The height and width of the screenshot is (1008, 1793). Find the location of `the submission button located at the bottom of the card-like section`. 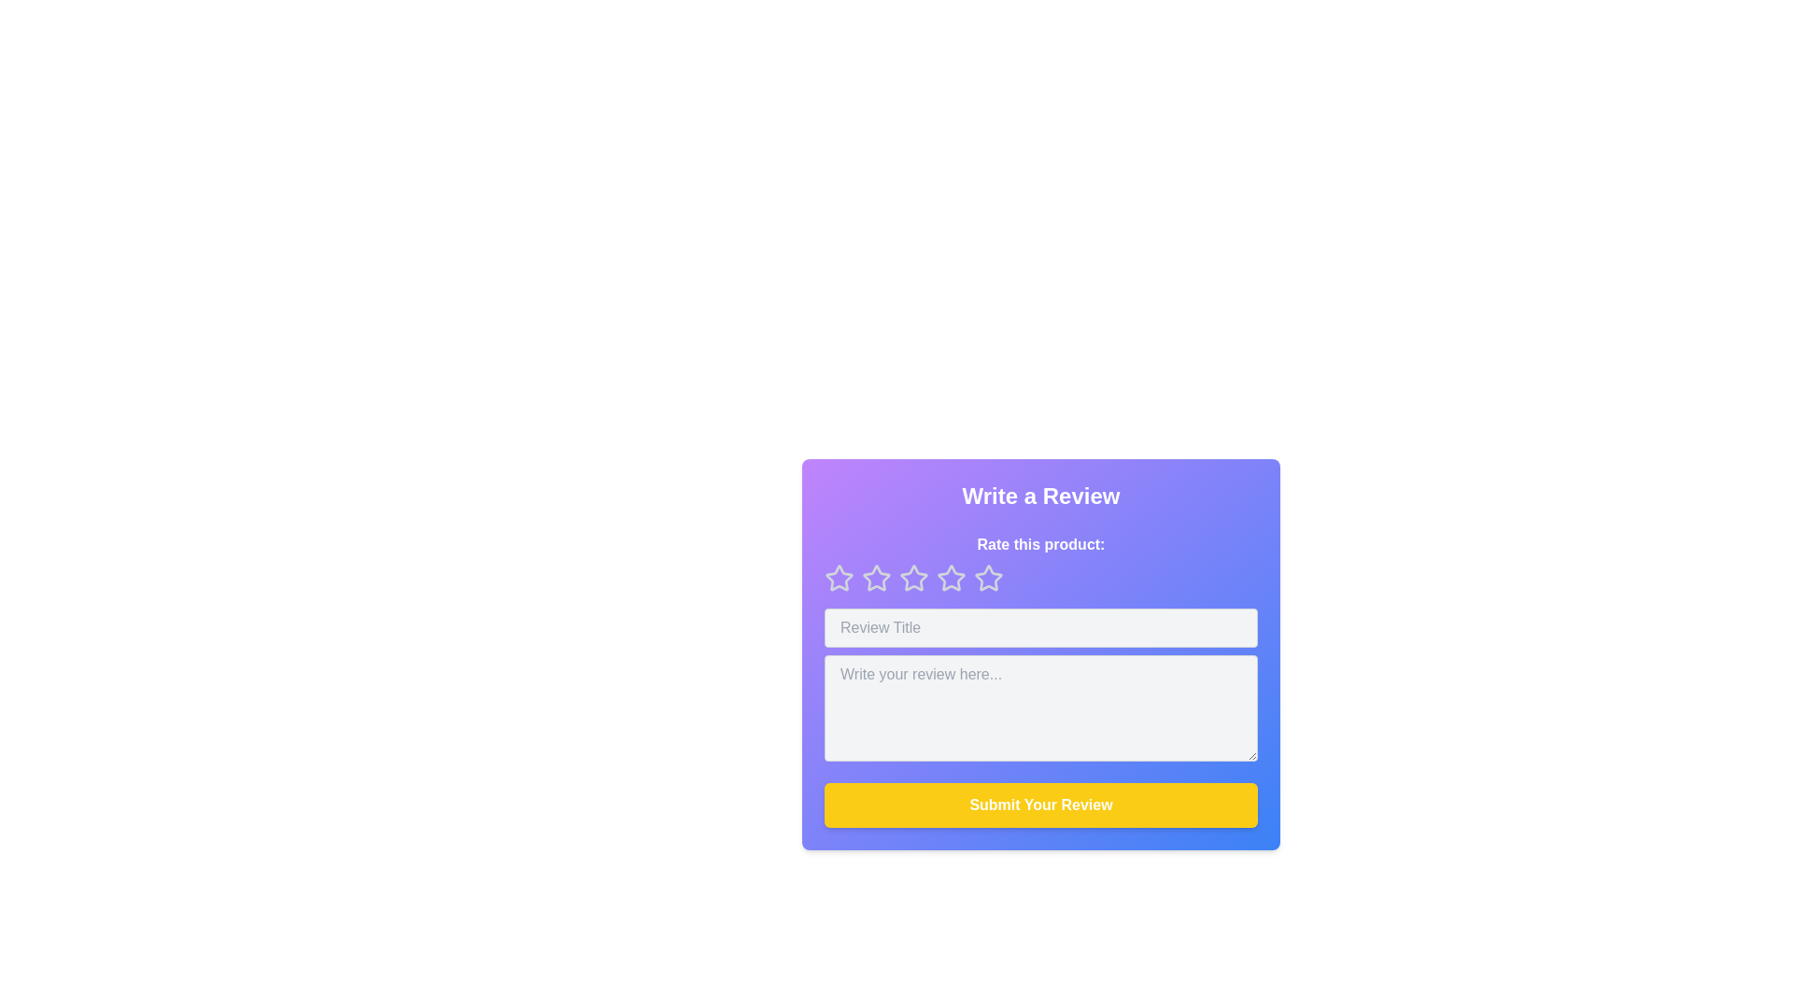

the submission button located at the bottom of the card-like section is located at coordinates (1039, 805).